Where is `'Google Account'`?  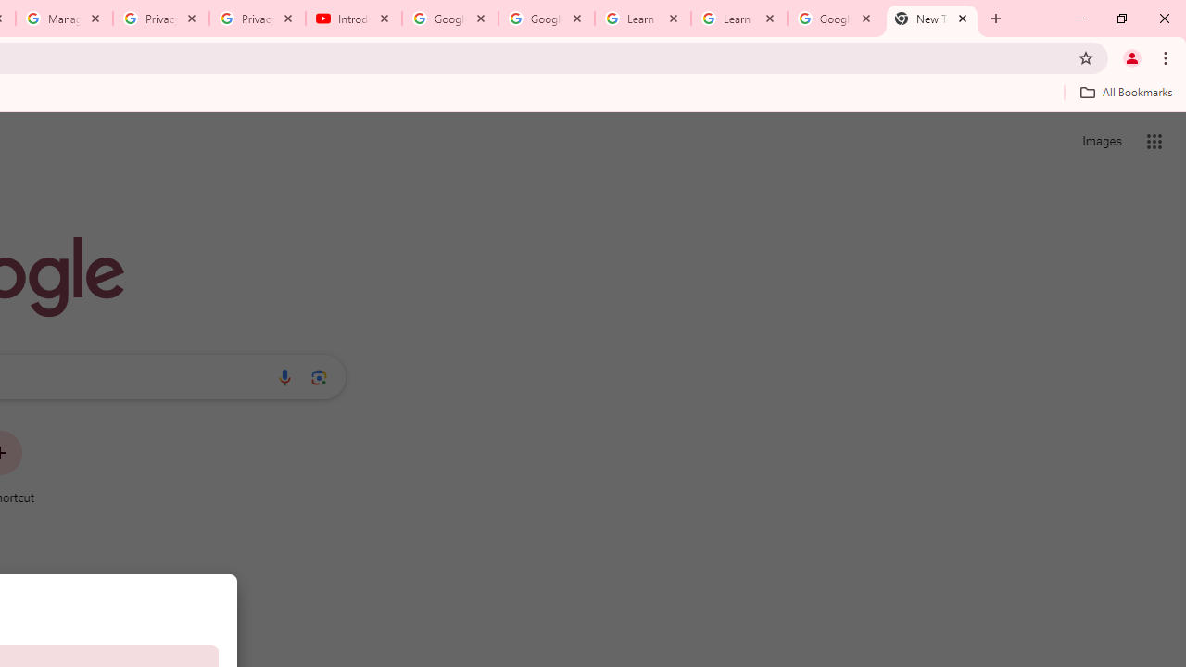 'Google Account' is located at coordinates (834, 19).